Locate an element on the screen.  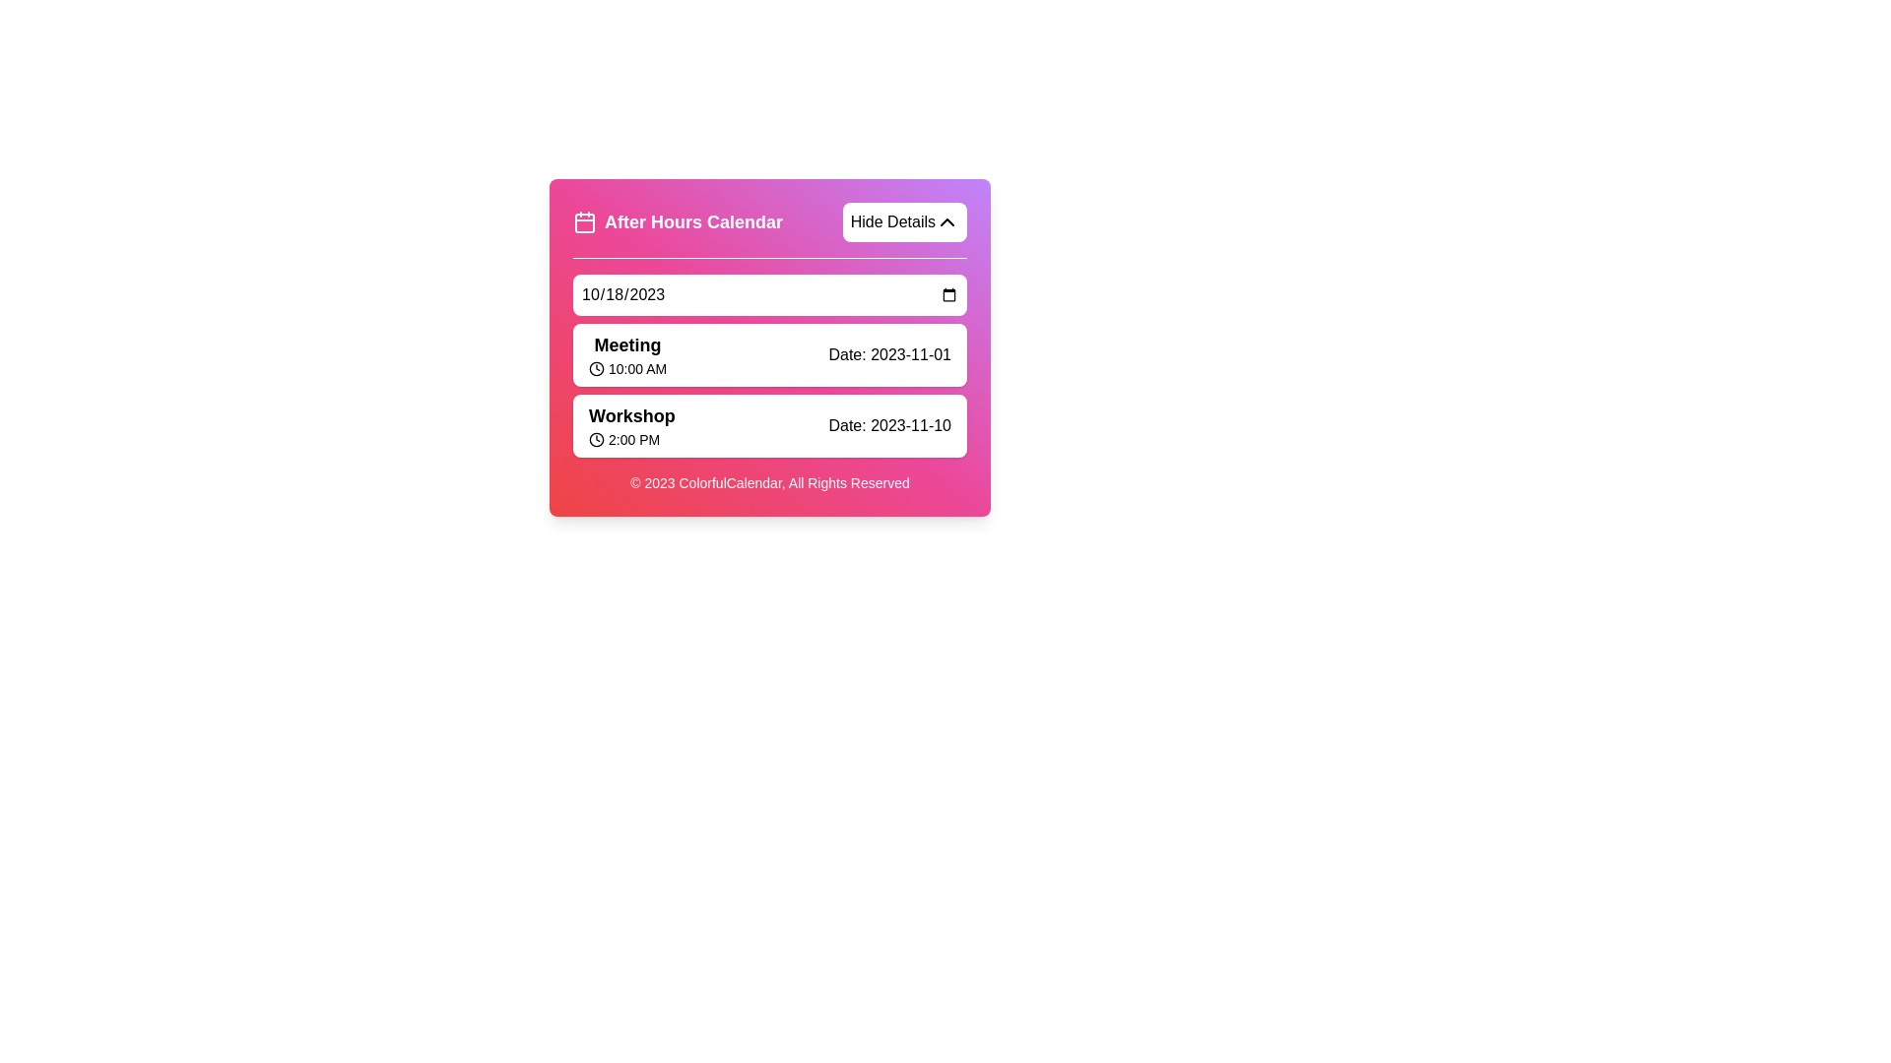
the calendar icon represented by the rectangular region located in the top-left of the header bar is located at coordinates (584, 222).